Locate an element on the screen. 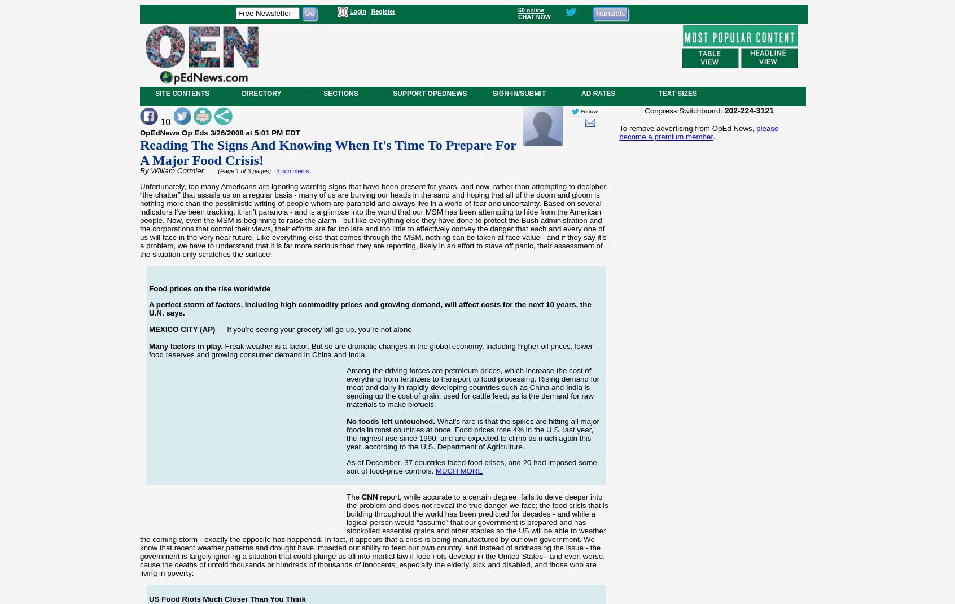  '202-224-3121' is located at coordinates (748, 109).